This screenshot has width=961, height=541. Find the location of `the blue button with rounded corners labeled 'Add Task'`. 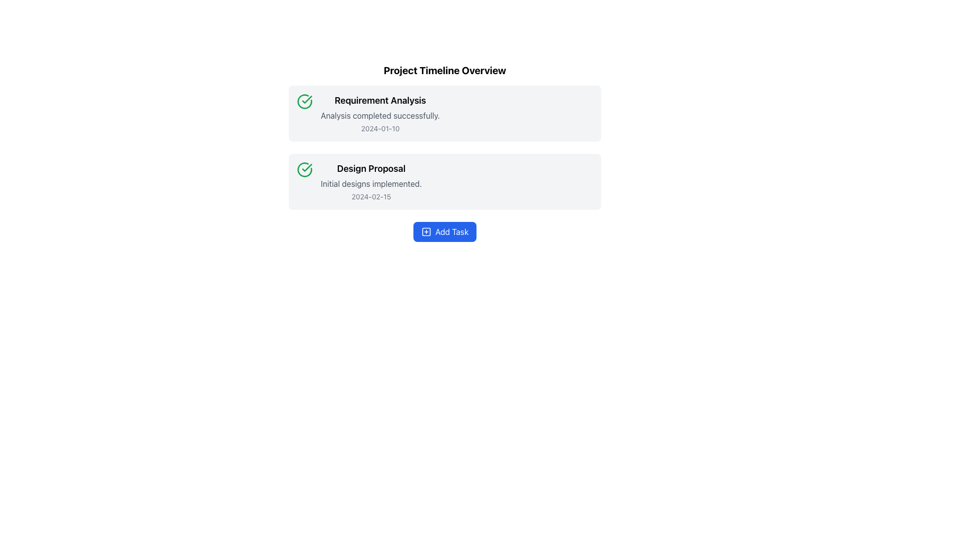

the blue button with rounded corners labeled 'Add Task' is located at coordinates (444, 231).